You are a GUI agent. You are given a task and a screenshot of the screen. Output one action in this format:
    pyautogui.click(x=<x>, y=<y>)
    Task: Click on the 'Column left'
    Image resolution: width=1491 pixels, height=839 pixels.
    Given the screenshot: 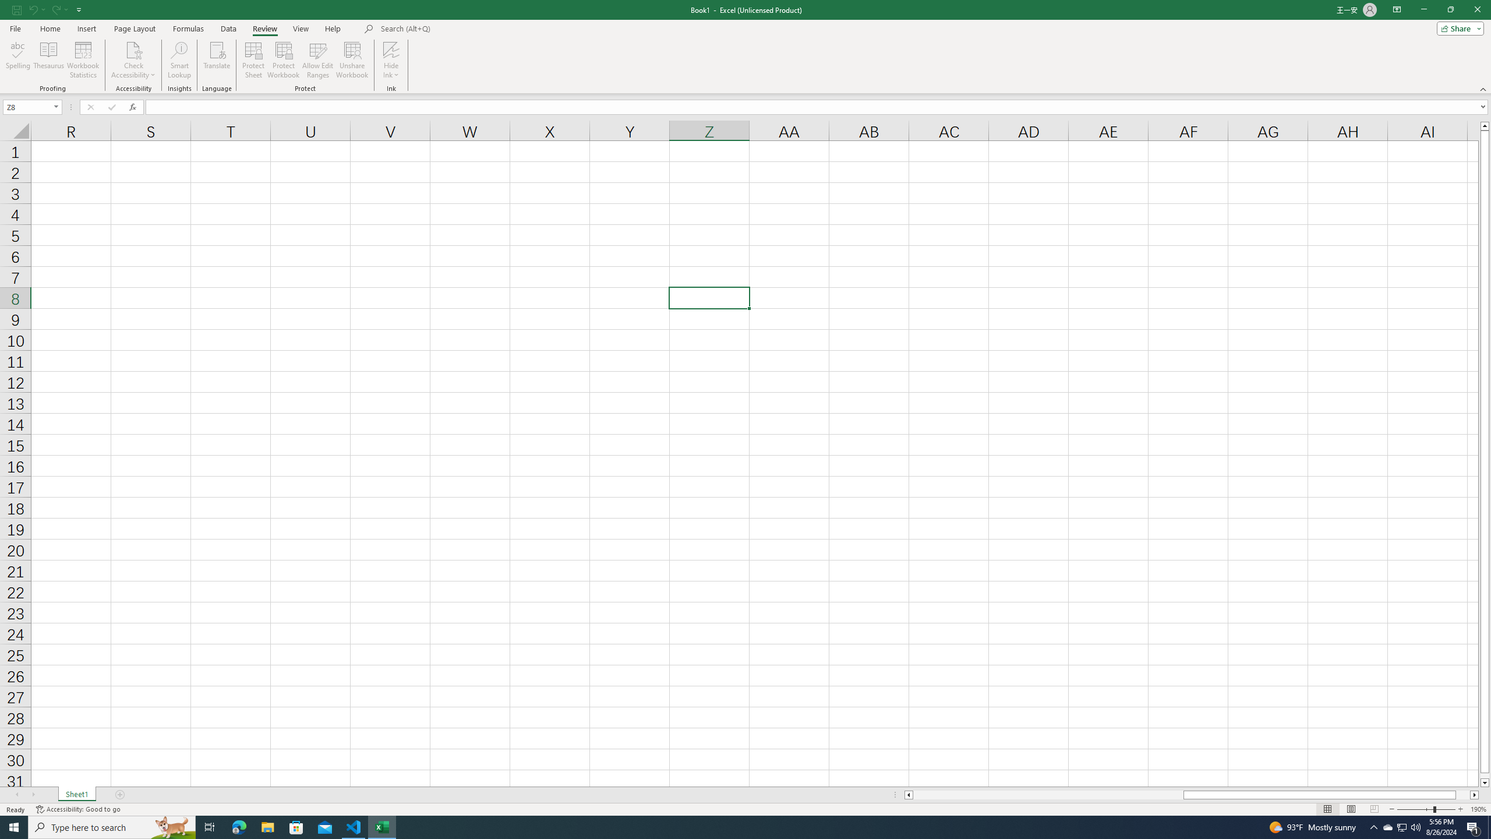 What is the action you would take?
    pyautogui.click(x=907, y=794)
    